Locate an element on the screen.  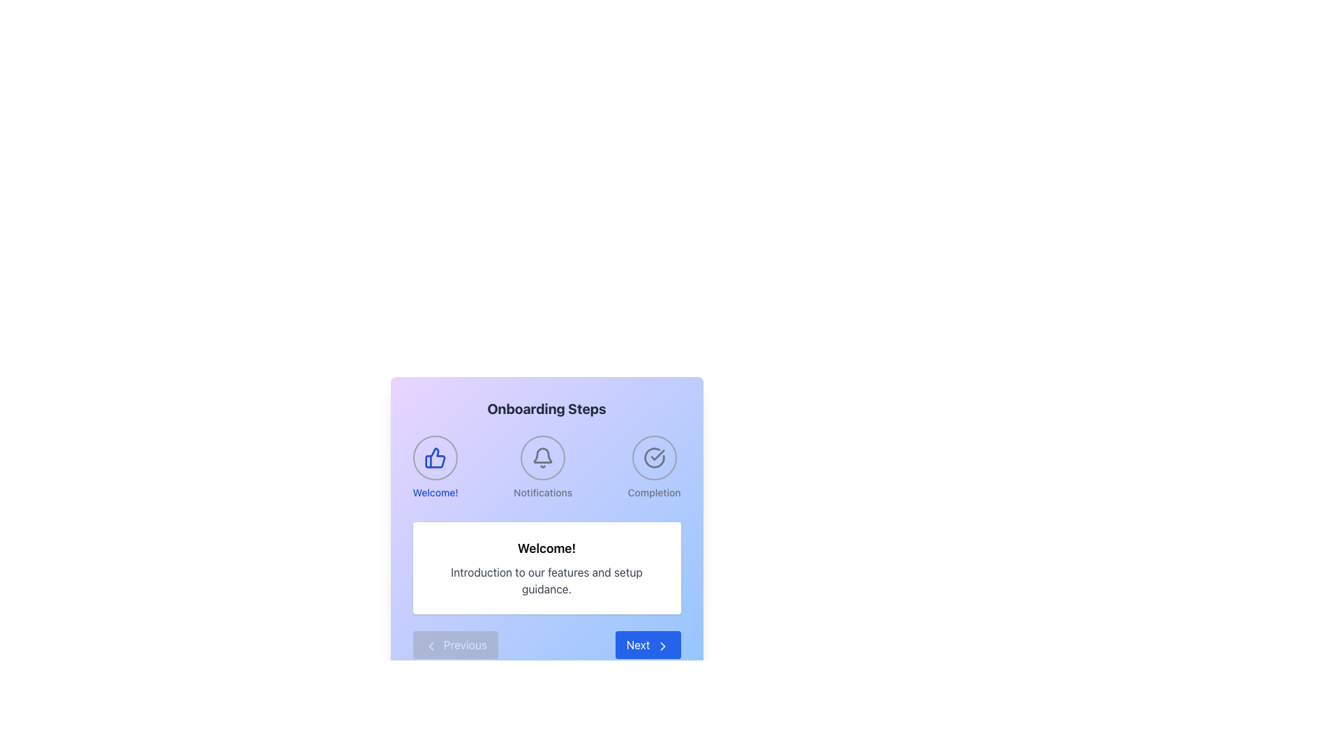
the Grouped Navigation Indicators element located below the title 'Onboarding Steps' is located at coordinates (546, 468).